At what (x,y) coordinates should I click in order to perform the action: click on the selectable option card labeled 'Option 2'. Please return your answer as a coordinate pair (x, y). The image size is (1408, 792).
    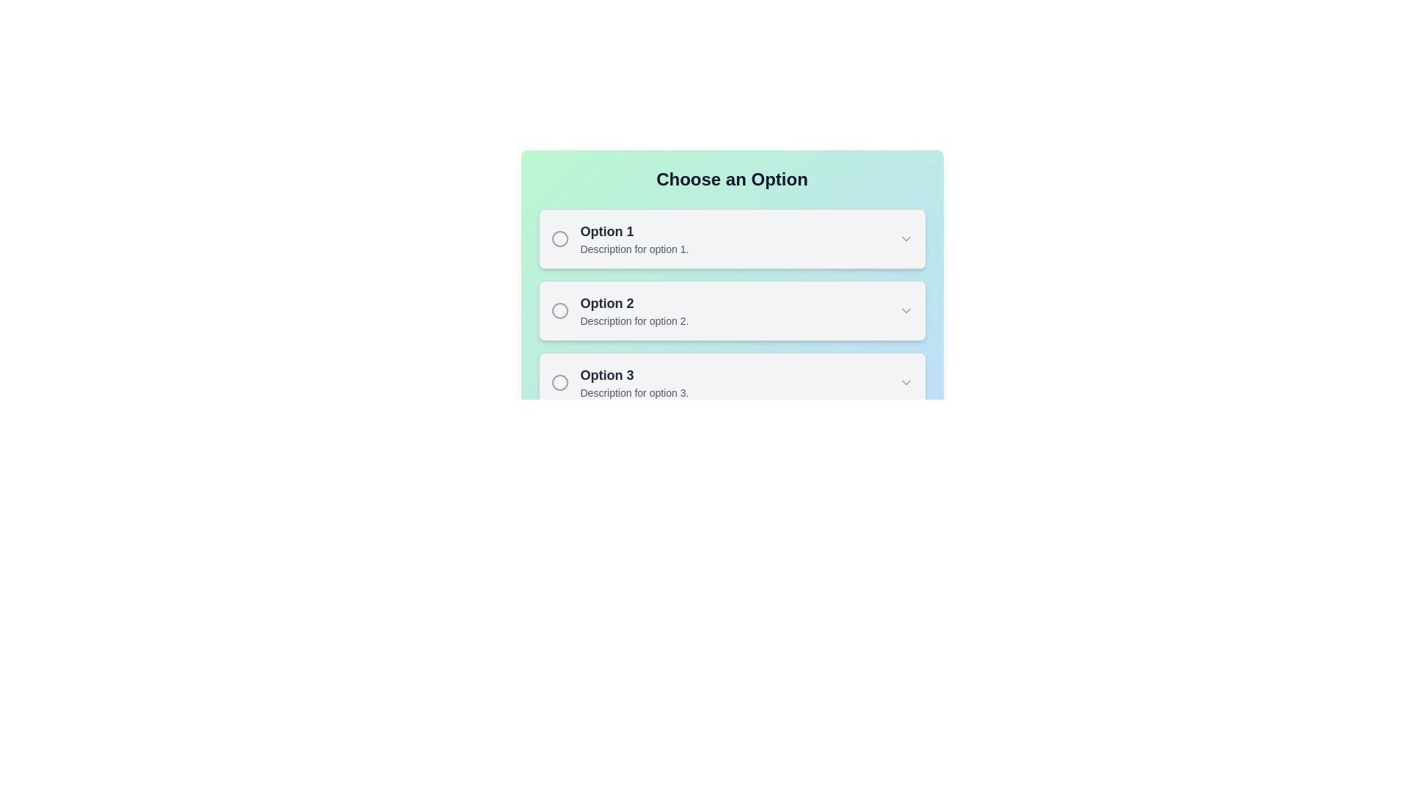
    Looking at the image, I should click on (732, 310).